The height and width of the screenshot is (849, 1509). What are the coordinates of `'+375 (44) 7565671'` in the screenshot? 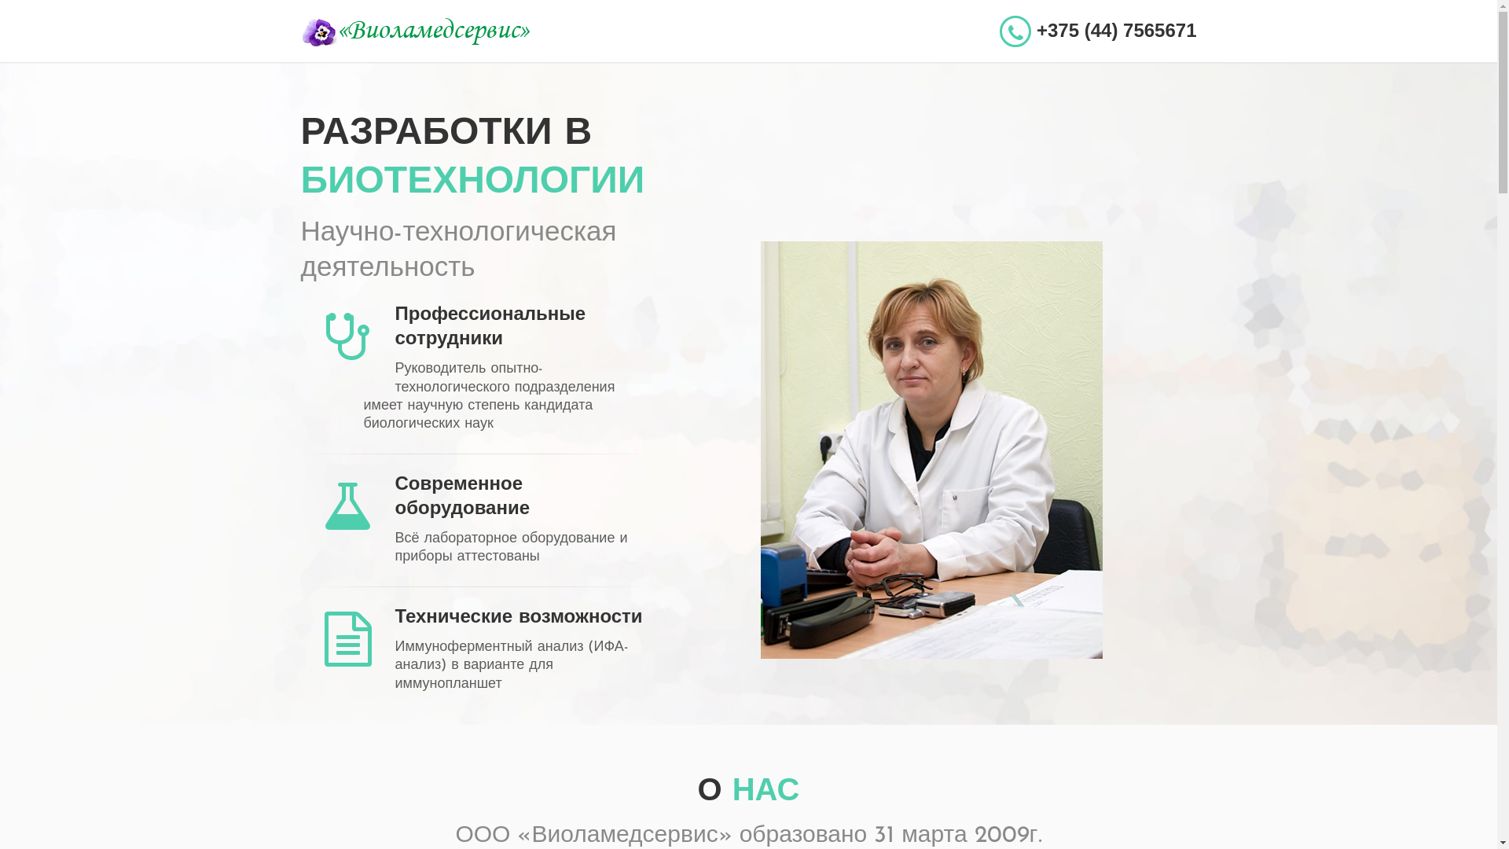 It's located at (1096, 30).